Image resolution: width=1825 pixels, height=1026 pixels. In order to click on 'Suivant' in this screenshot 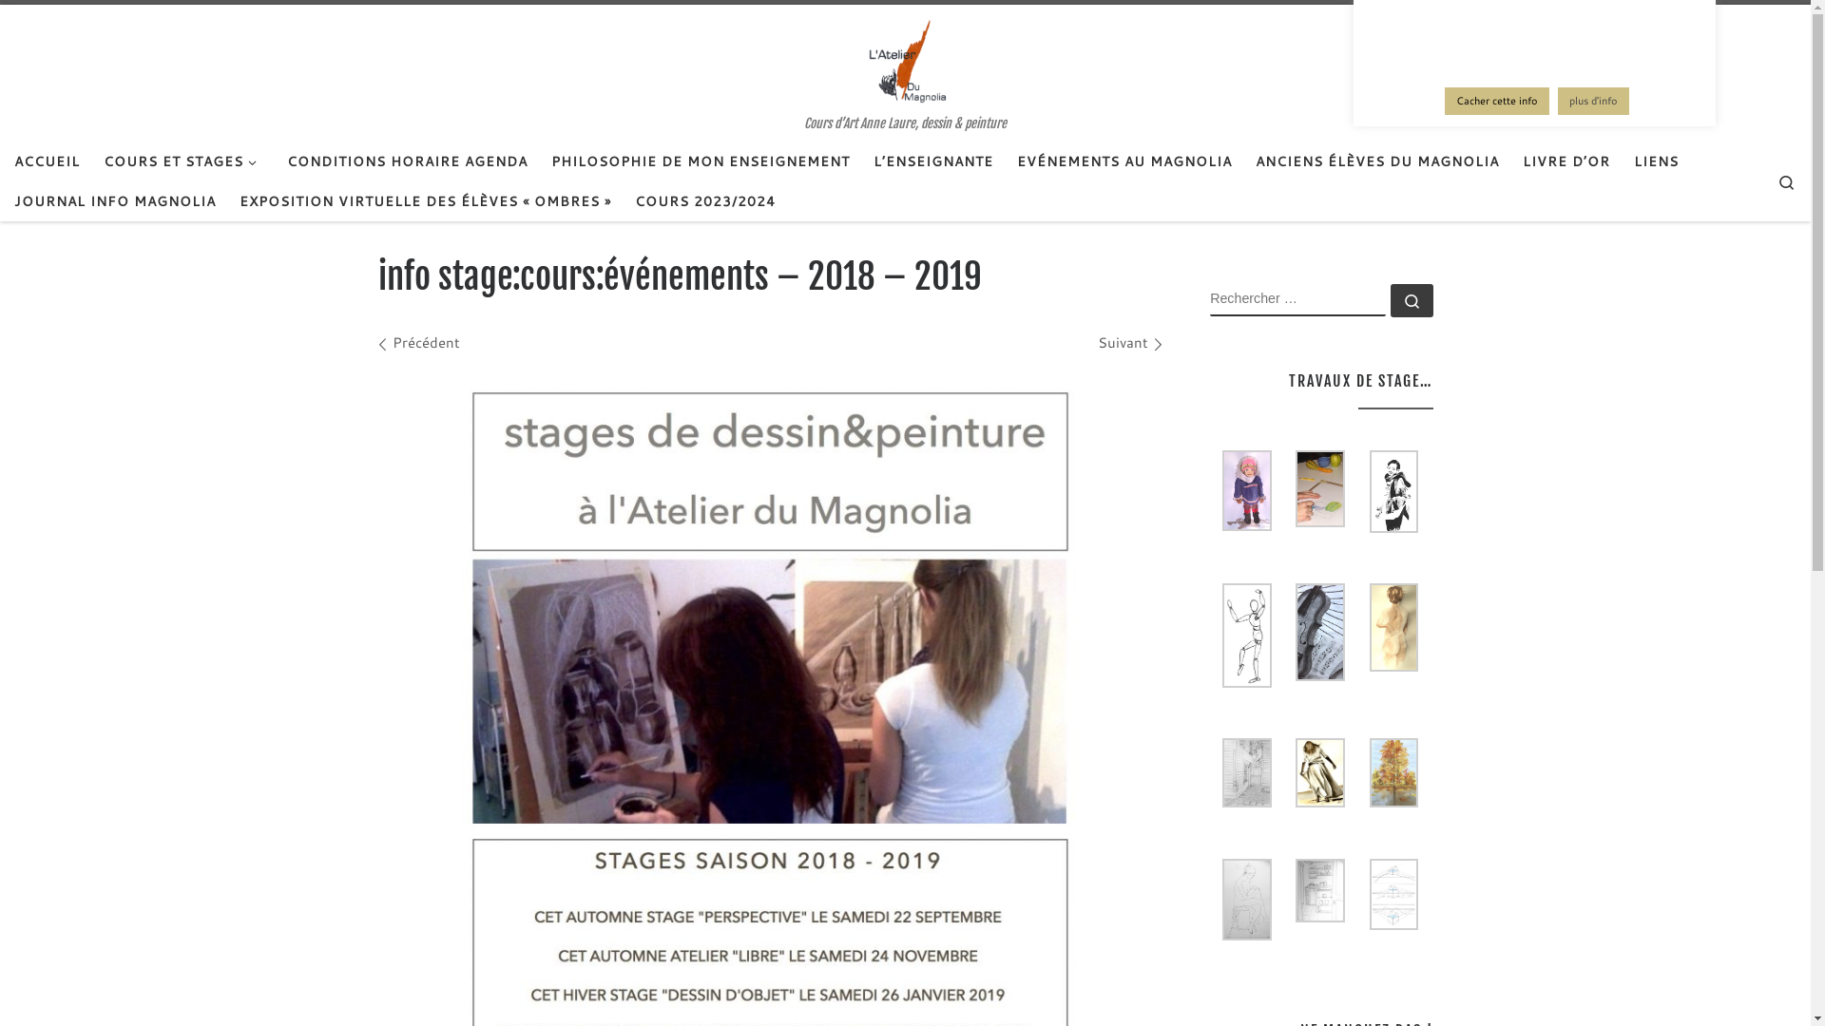, I will do `click(1129, 342)`.